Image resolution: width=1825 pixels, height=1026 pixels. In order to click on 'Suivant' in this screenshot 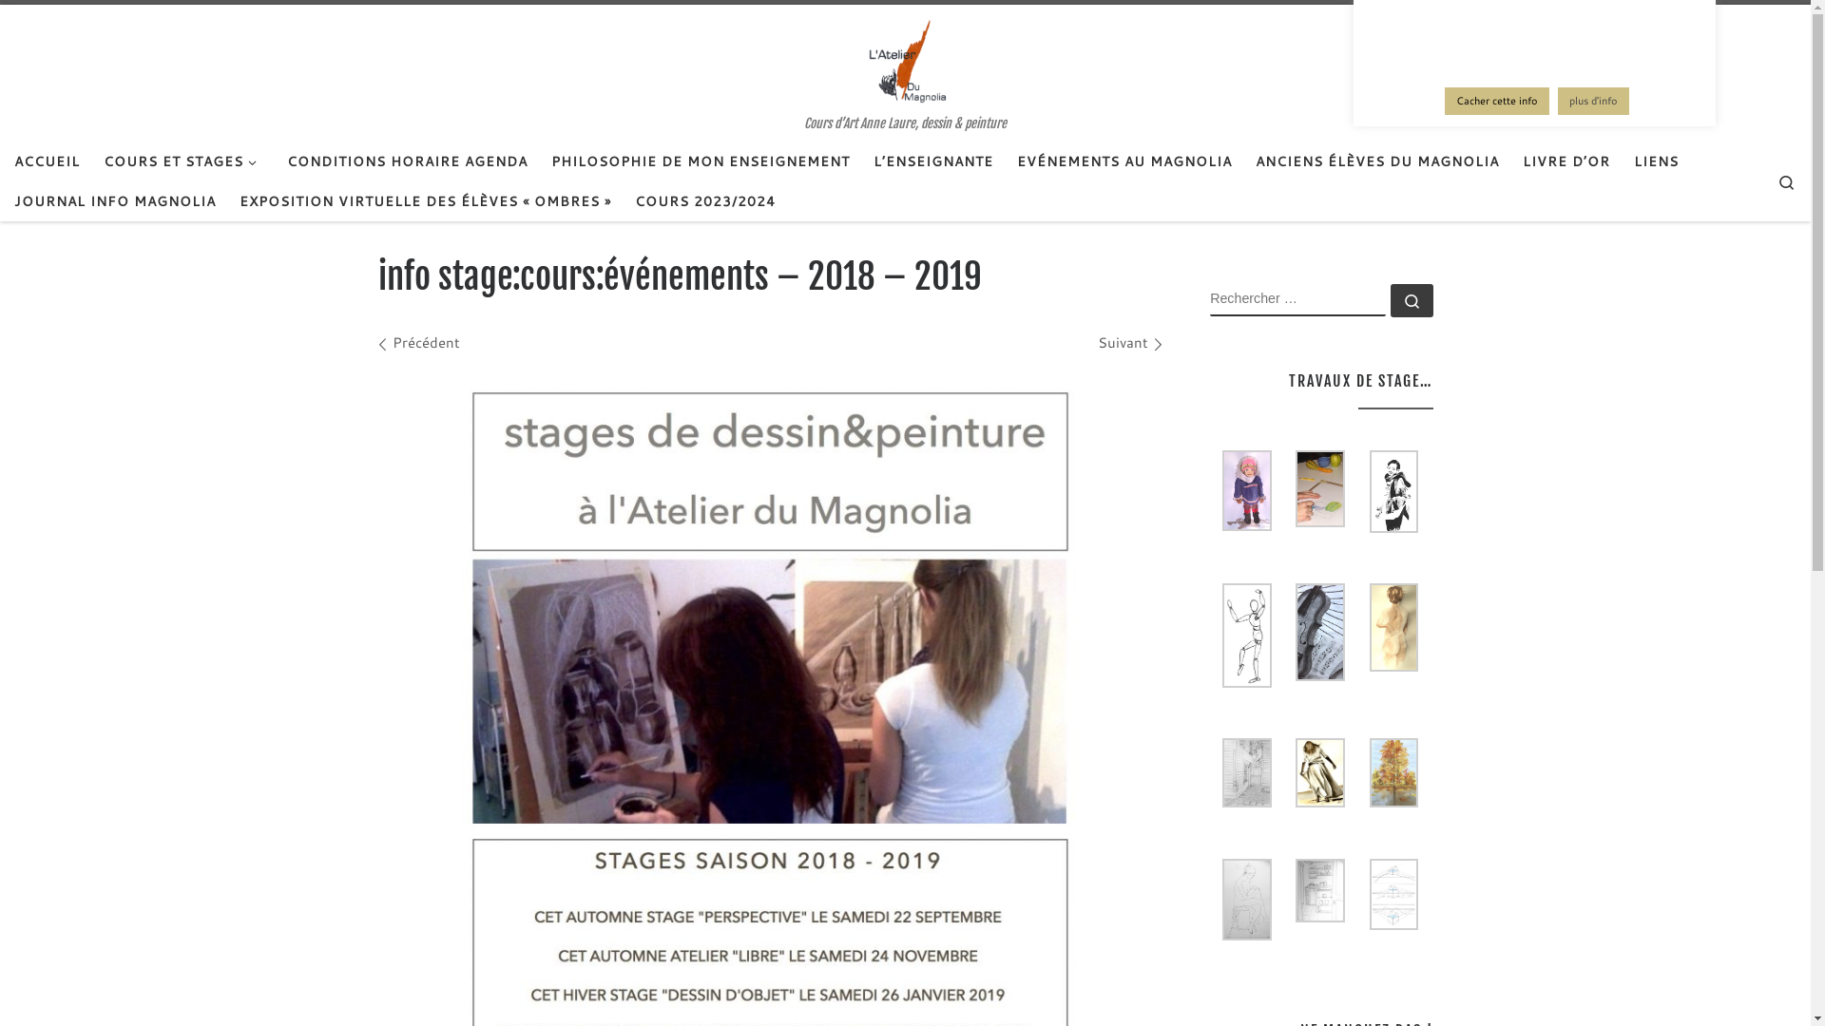, I will do `click(1129, 342)`.